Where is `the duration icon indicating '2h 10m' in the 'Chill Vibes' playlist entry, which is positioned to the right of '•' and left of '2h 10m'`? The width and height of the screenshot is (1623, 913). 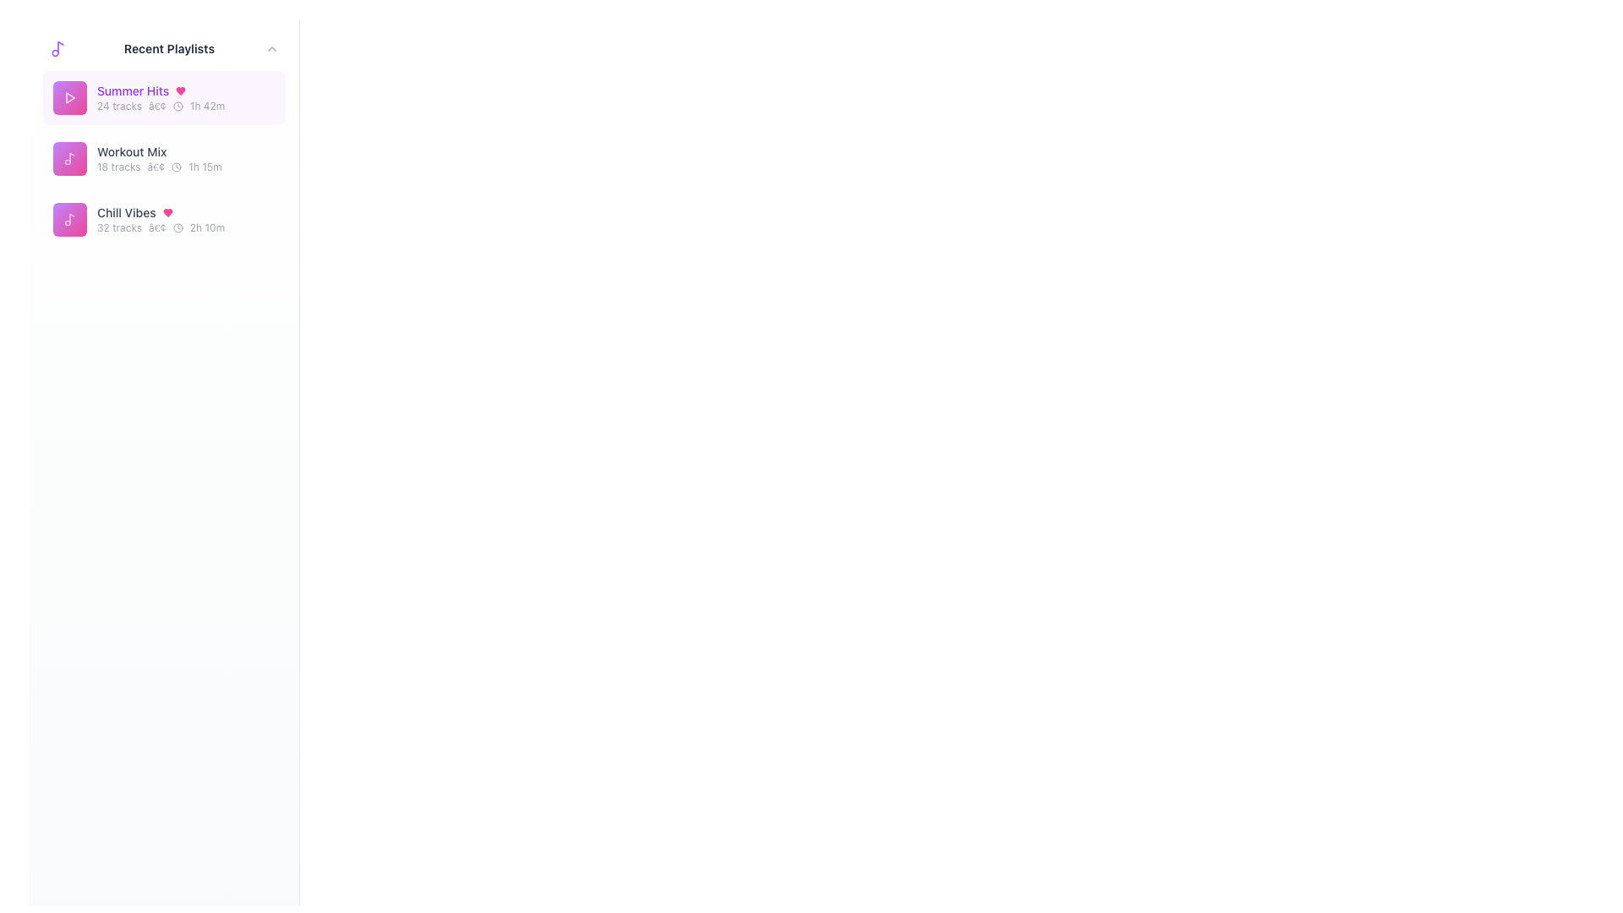
the duration icon indicating '2h 10m' in the 'Chill Vibes' playlist entry, which is positioned to the right of '•' and left of '2h 10m' is located at coordinates (178, 228).